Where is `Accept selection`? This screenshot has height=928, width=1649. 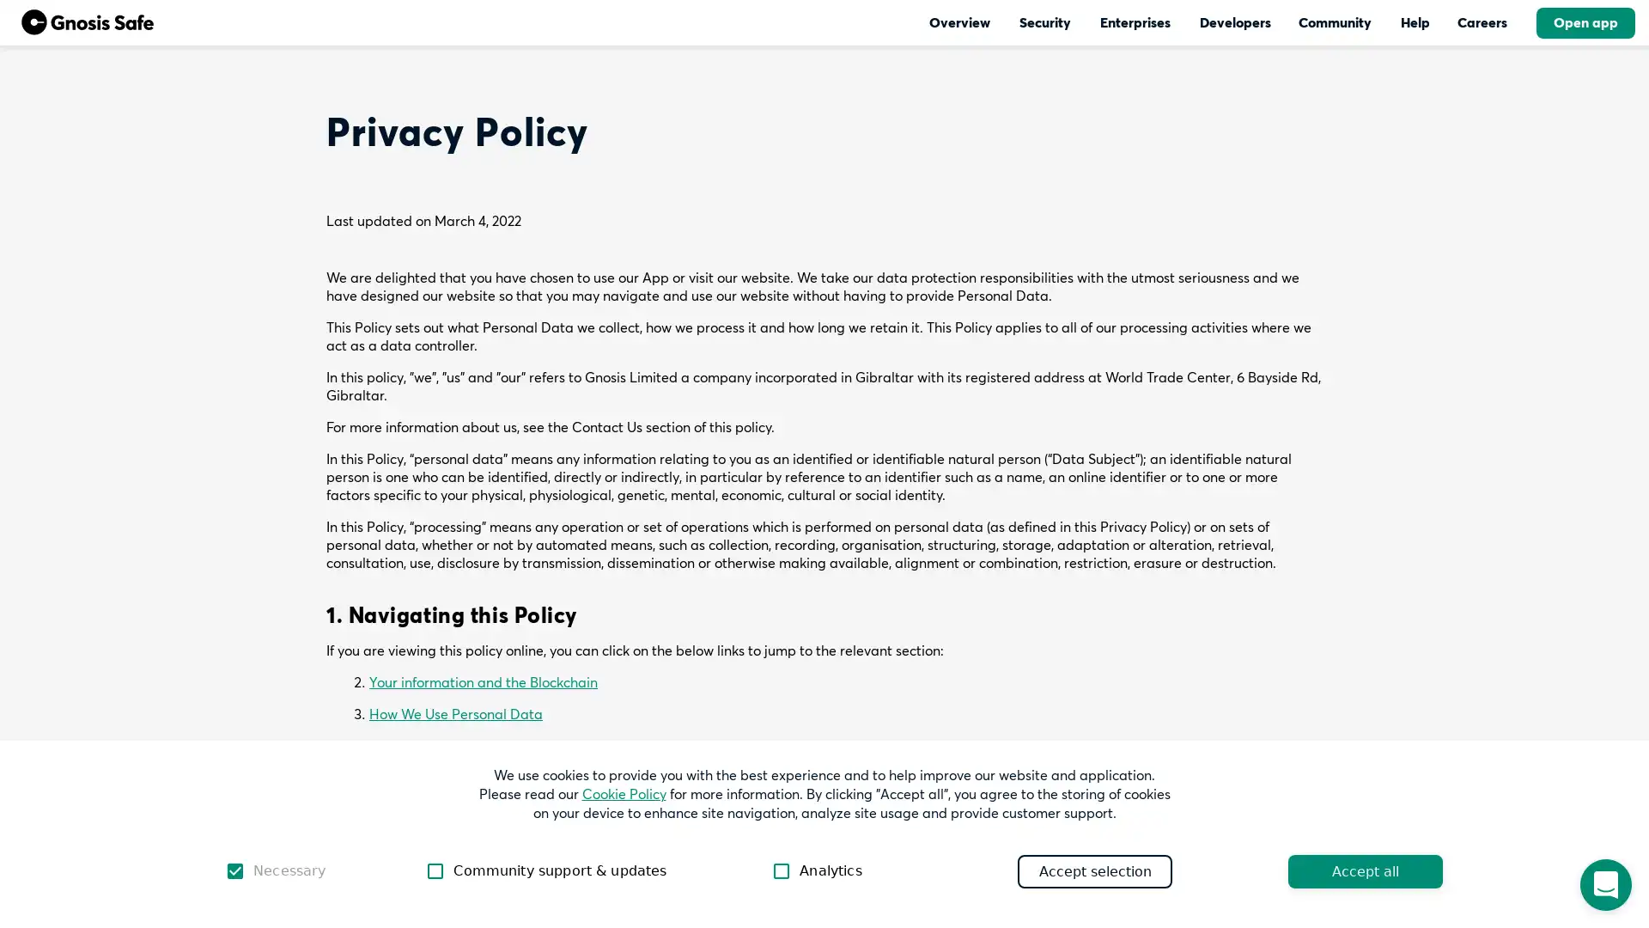 Accept selection is located at coordinates (1094, 870).